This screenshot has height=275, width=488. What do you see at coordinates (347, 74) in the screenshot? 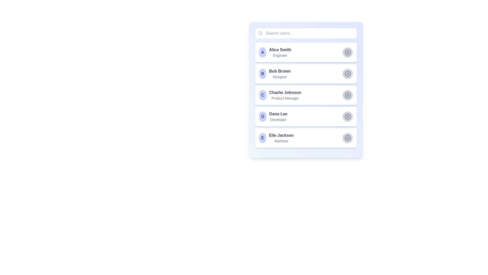
I see `the close or delete button located on the far right end of the row labeled 'Bob Brown Designer'` at bounding box center [347, 74].